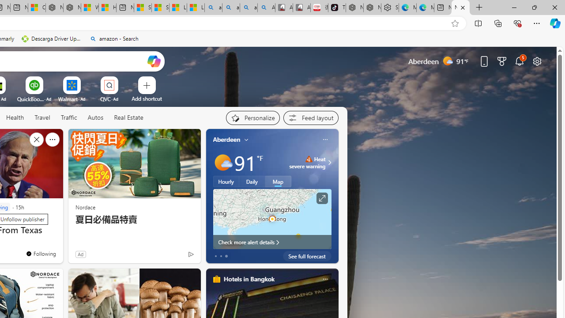 The height and width of the screenshot is (318, 565). I want to click on 'Mostly sunny', so click(222, 163).